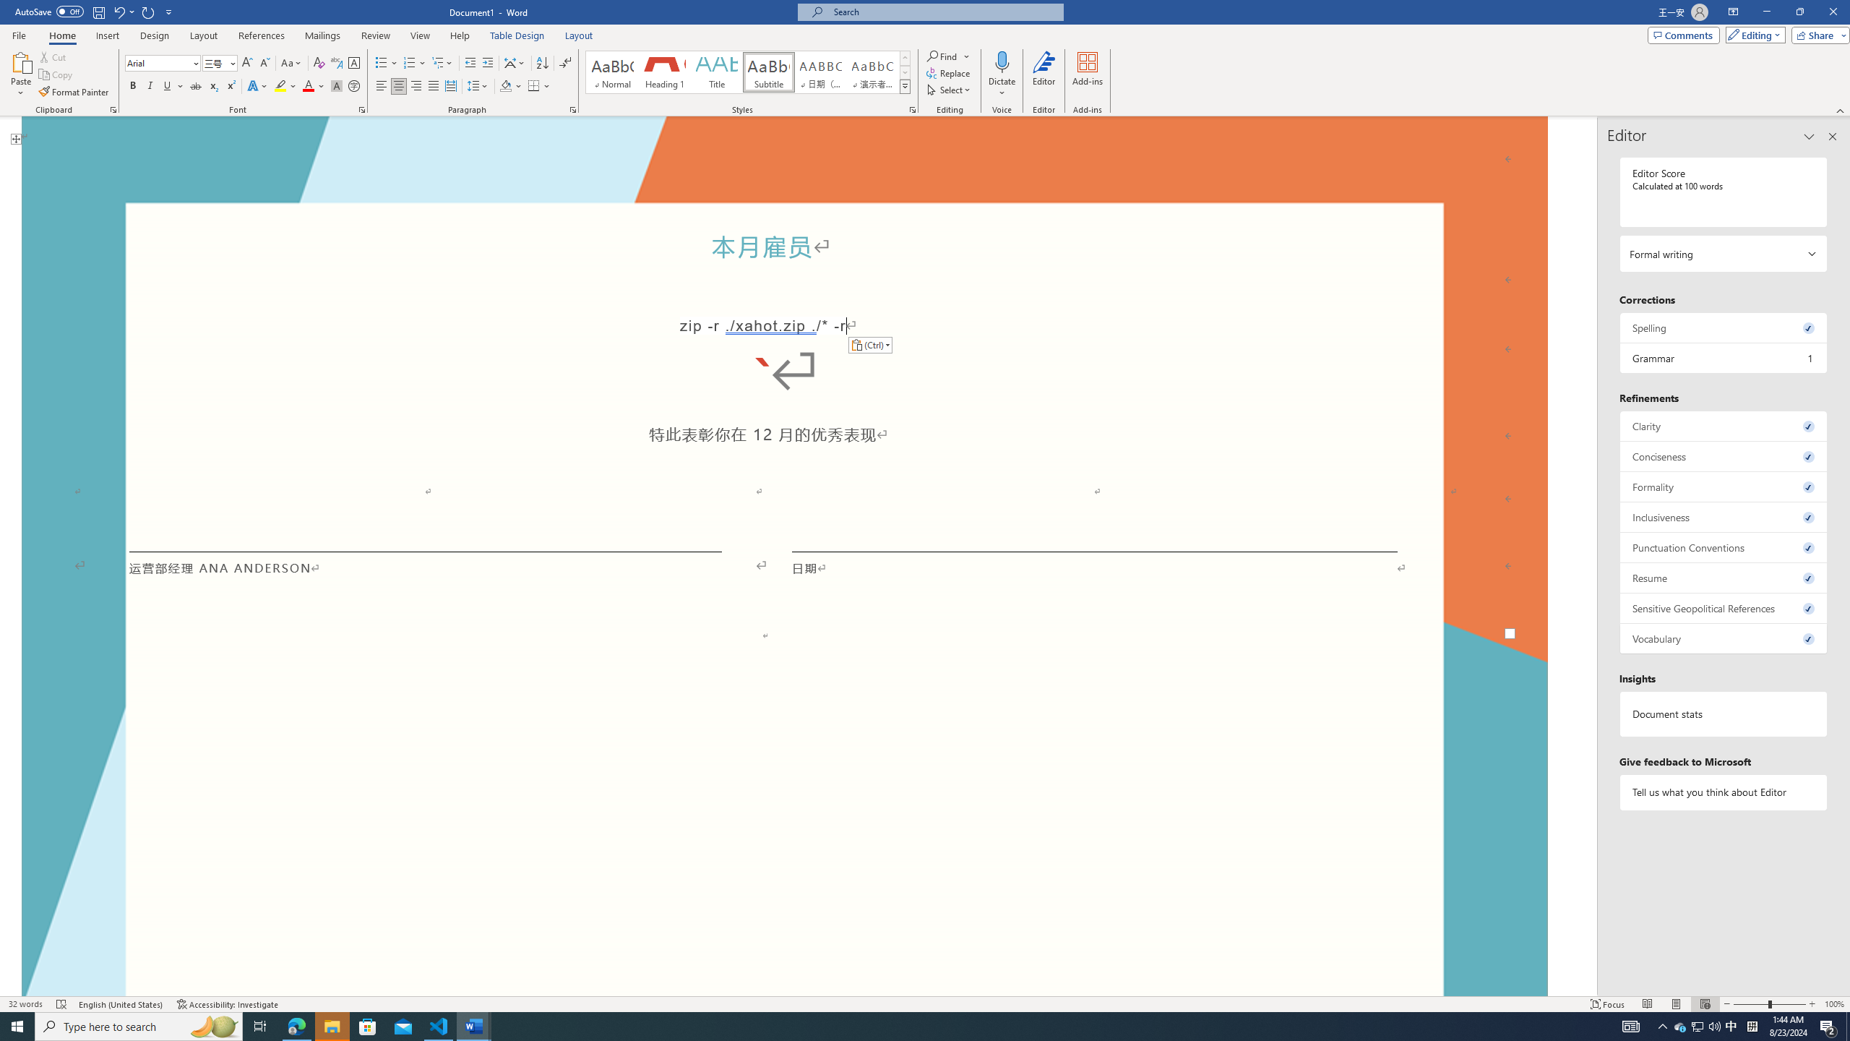 The image size is (1850, 1041). What do you see at coordinates (911, 108) in the screenshot?
I see `'Styles...'` at bounding box center [911, 108].